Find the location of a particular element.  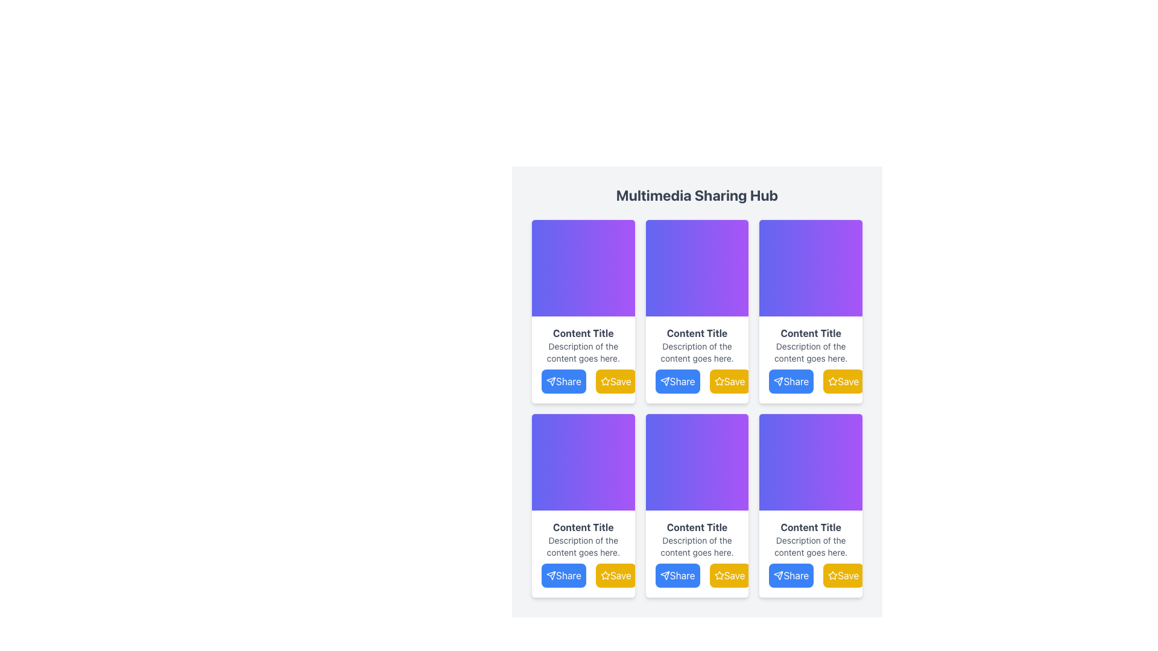

the triangular 'Share' icon which resembles a paper airplane is located at coordinates (664, 575).